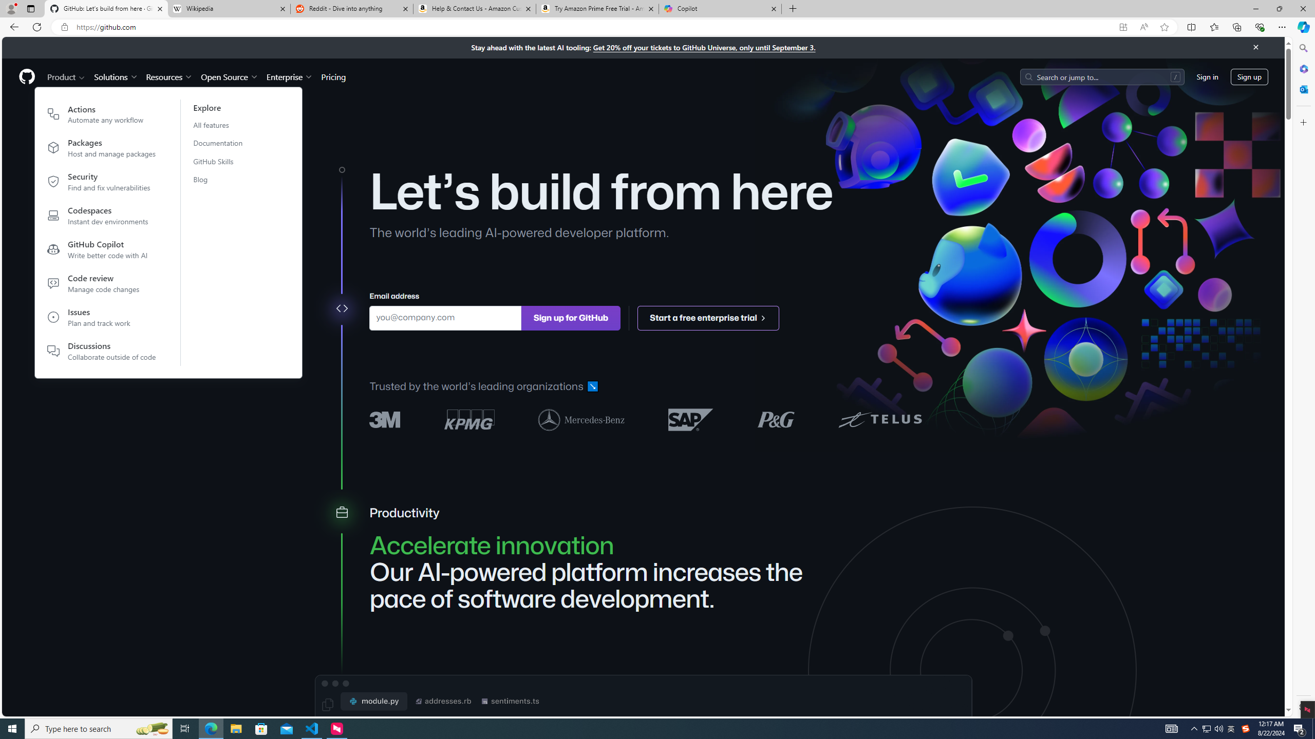 The image size is (1315, 739). I want to click on 'P&G logo', so click(775, 419).